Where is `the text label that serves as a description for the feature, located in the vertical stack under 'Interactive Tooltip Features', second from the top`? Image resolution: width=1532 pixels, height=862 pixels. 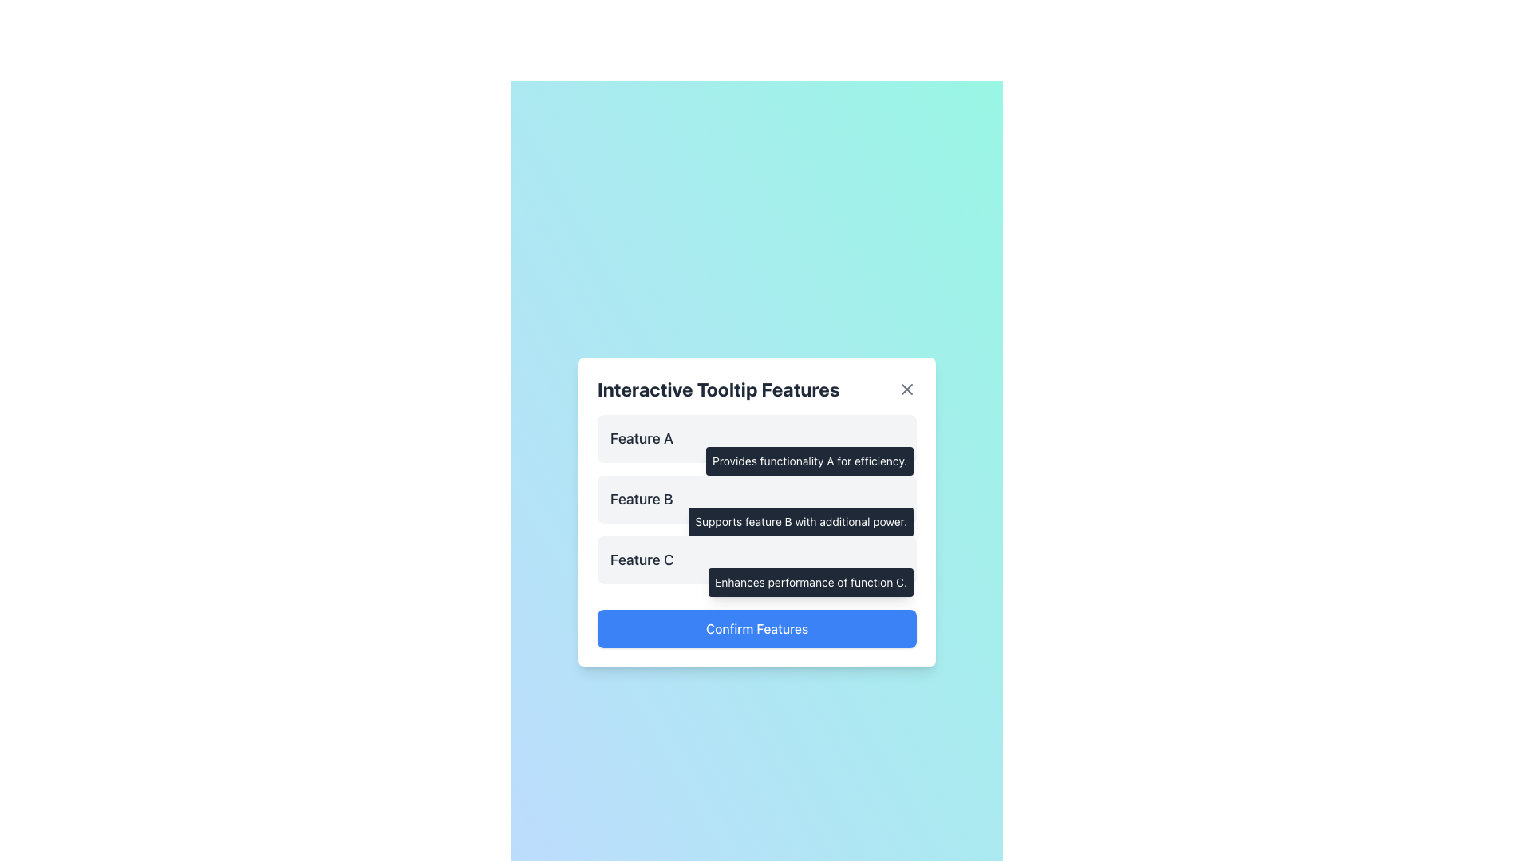
the text label that serves as a description for the feature, located in the vertical stack under 'Interactive Tooltip Features', second from the top is located at coordinates (642, 498).